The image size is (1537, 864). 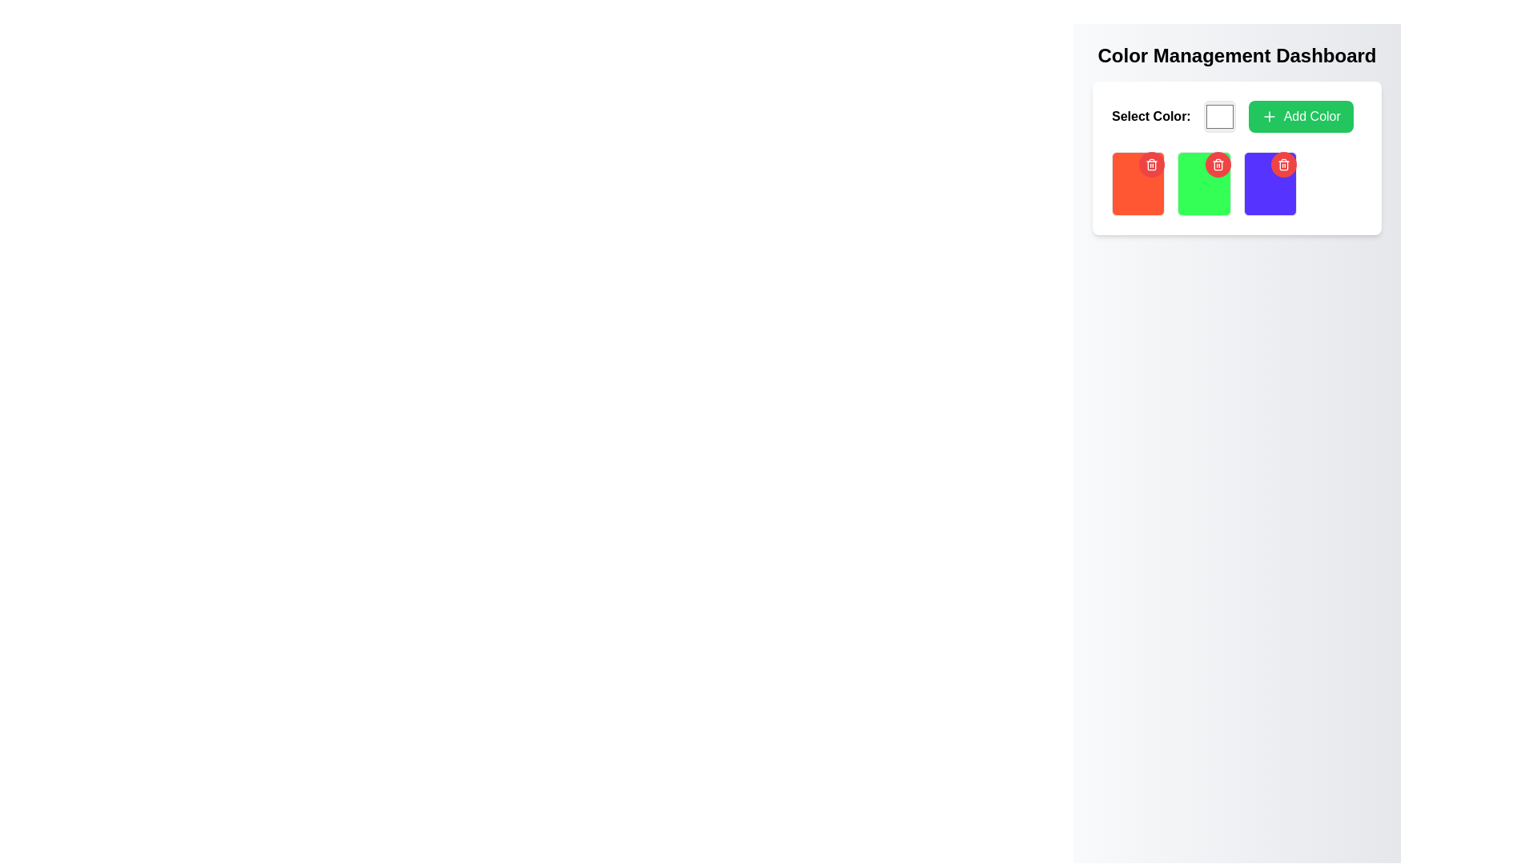 What do you see at coordinates (1151, 164) in the screenshot?
I see `the delete icon button located in the top-right corner of the first red color card` at bounding box center [1151, 164].